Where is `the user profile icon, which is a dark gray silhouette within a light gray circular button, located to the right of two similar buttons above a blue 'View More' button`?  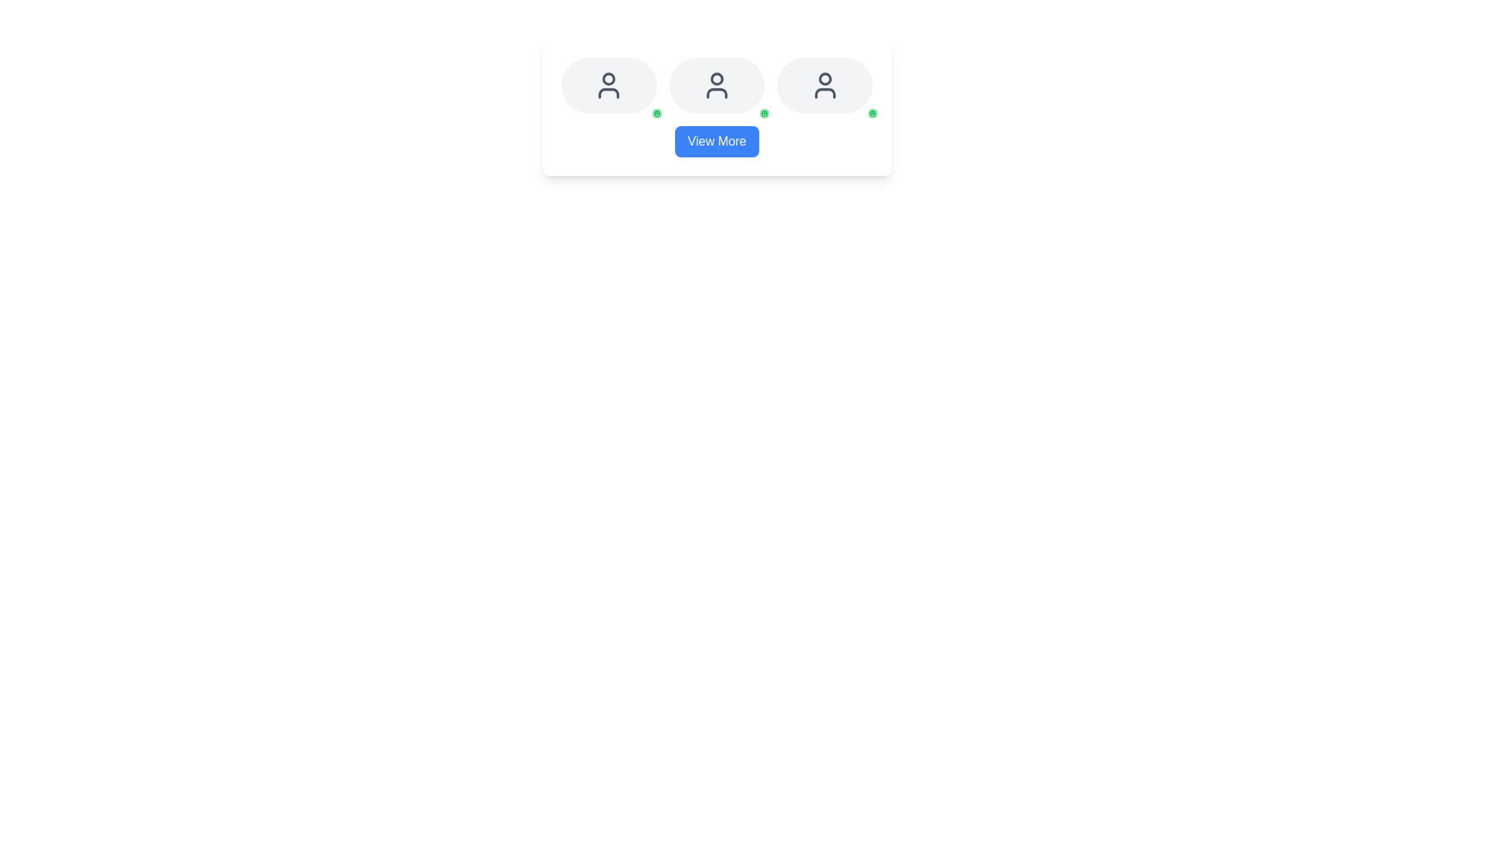
the user profile icon, which is a dark gray silhouette within a light gray circular button, located to the right of two similar buttons above a blue 'View More' button is located at coordinates (824, 86).